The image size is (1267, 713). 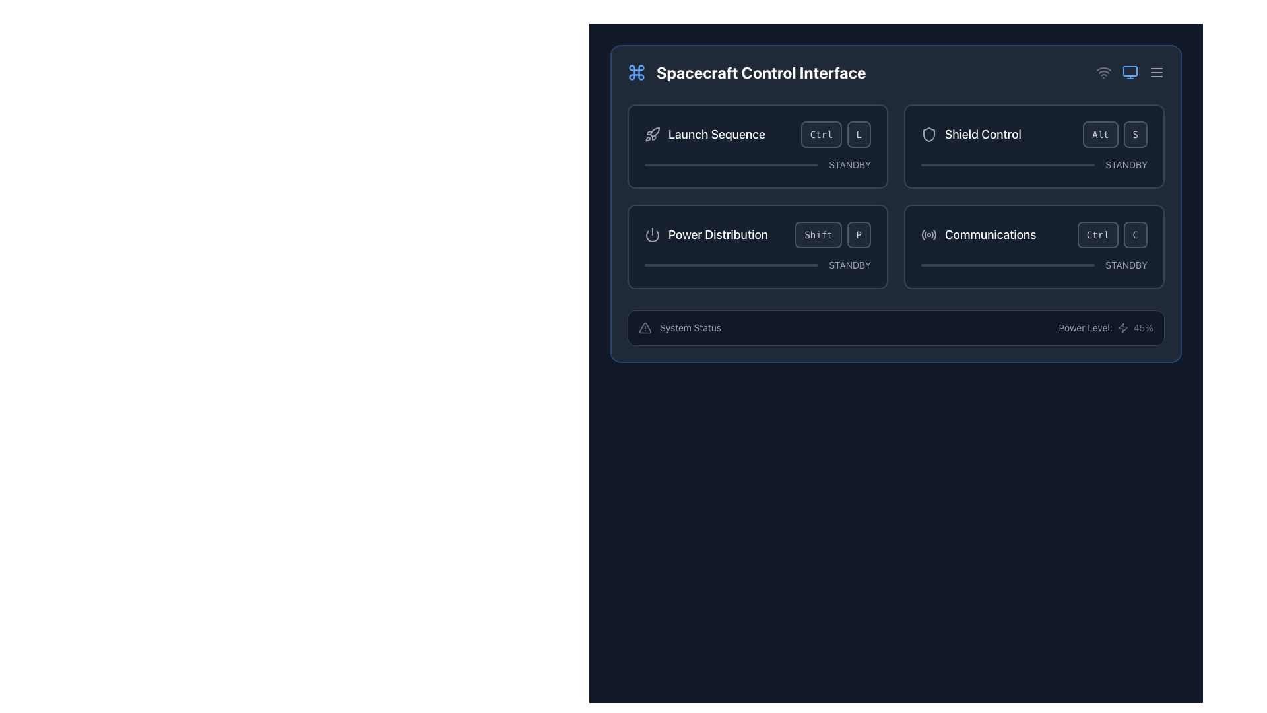 I want to click on the standby text status of the Progress bar located in the lower half of the 'Power Distribution' section, which visually represents a standby state, so click(x=758, y=265).